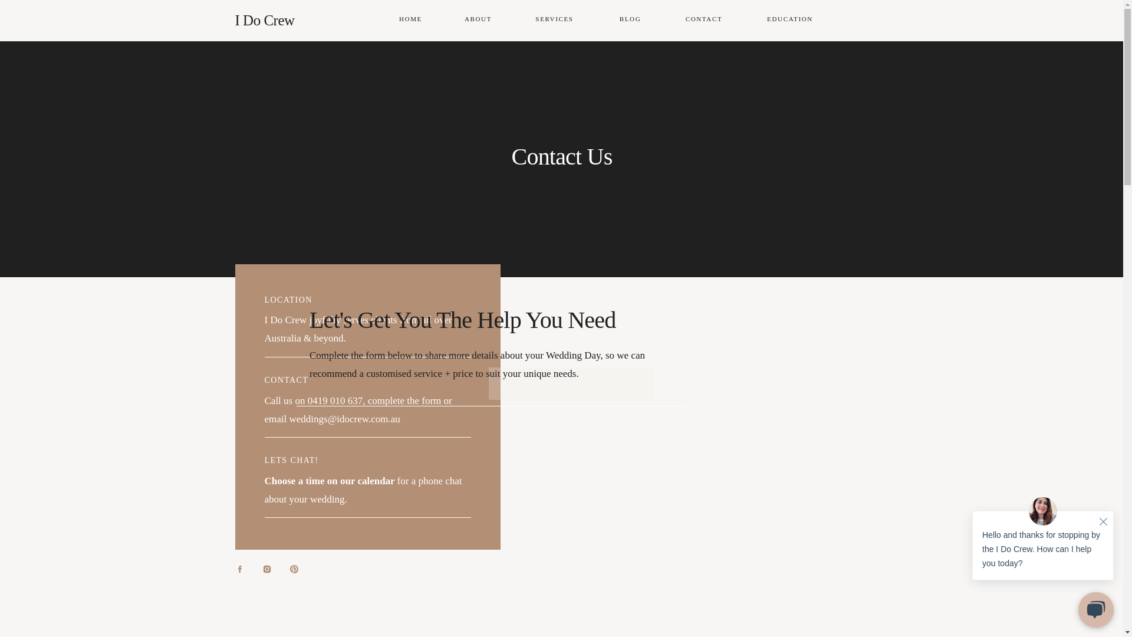  I want to click on 'I Do Crew', so click(292, 21).